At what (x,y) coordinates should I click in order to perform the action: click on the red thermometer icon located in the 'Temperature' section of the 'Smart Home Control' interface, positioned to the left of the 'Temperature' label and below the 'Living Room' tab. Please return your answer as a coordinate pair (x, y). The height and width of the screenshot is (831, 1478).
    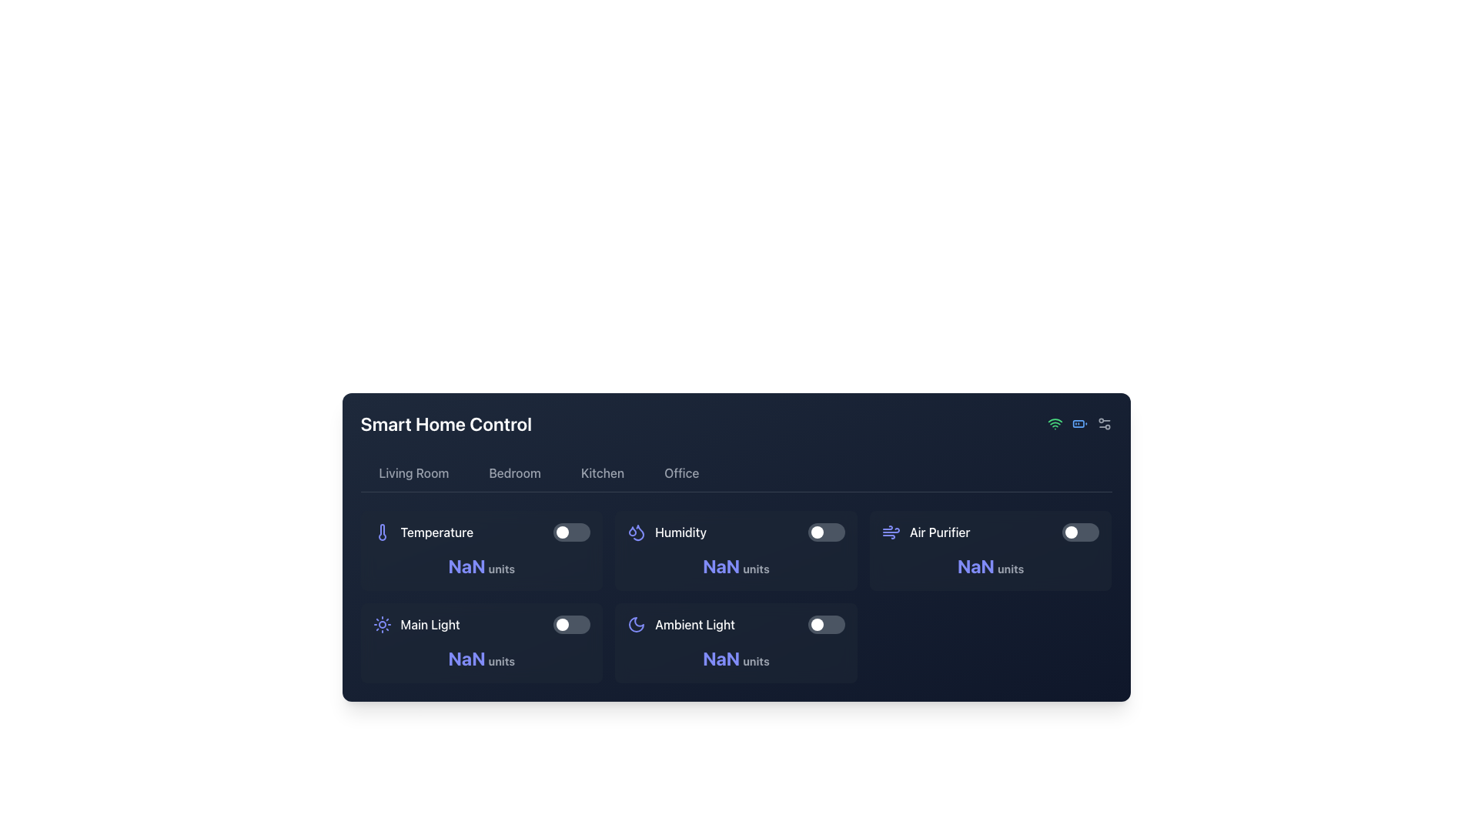
    Looking at the image, I should click on (382, 531).